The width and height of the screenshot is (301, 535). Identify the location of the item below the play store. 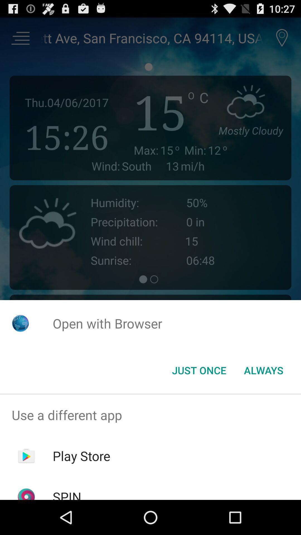
(67, 494).